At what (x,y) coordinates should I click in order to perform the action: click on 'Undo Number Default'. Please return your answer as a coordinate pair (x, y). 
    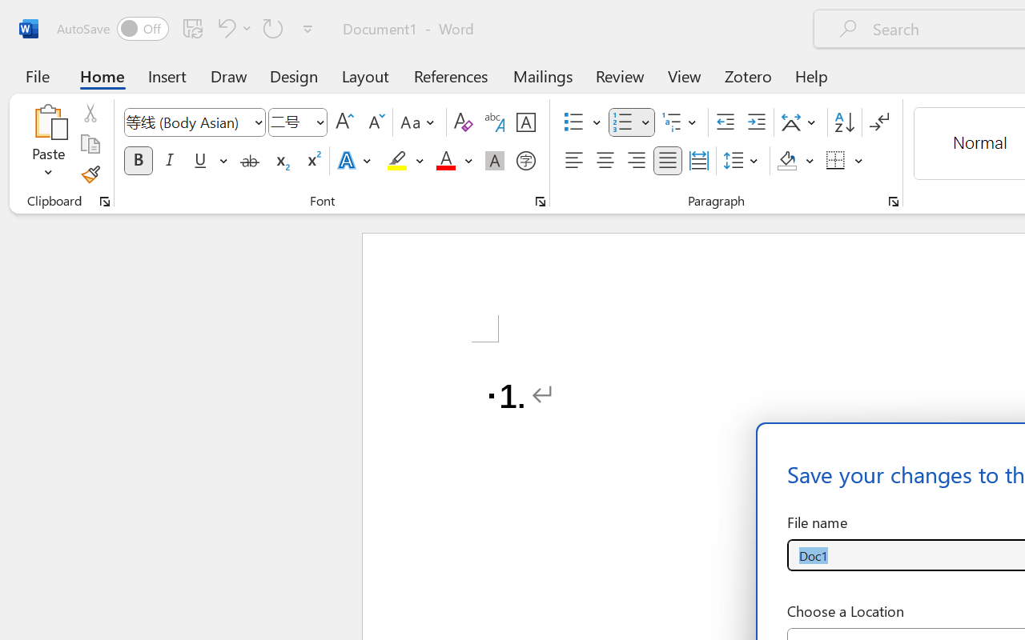
    Looking at the image, I should click on (231, 27).